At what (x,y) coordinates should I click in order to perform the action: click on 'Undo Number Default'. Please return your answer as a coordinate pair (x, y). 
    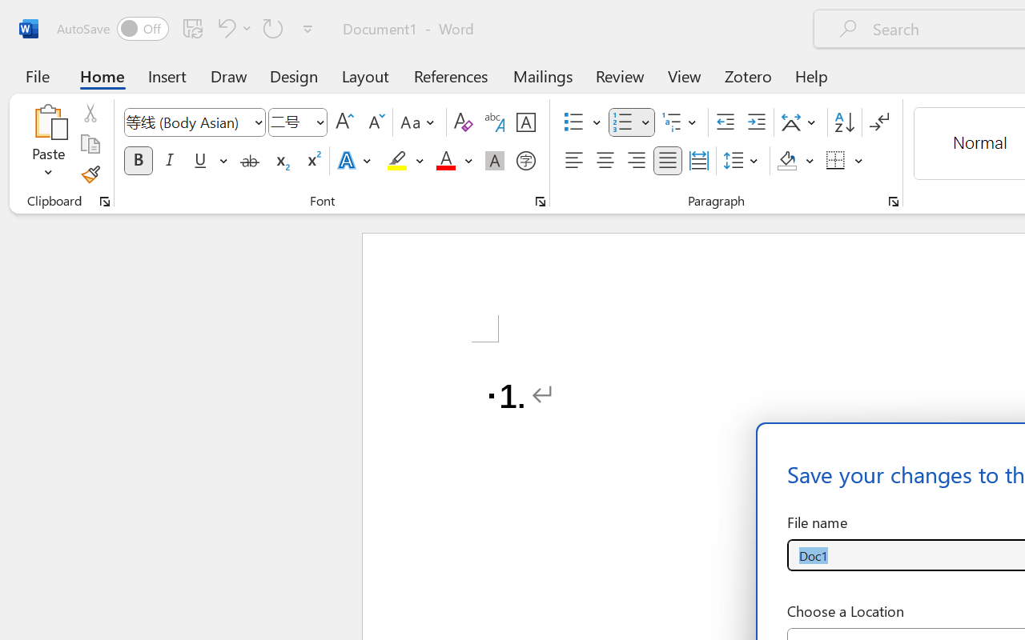
    Looking at the image, I should click on (231, 27).